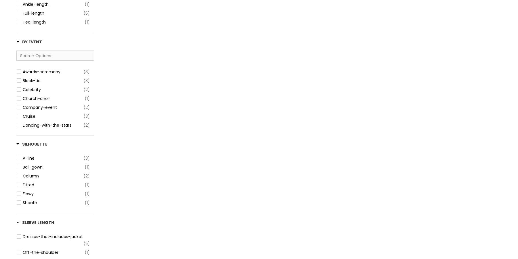 The height and width of the screenshot is (259, 518). I want to click on 'Tea-length', so click(34, 22).